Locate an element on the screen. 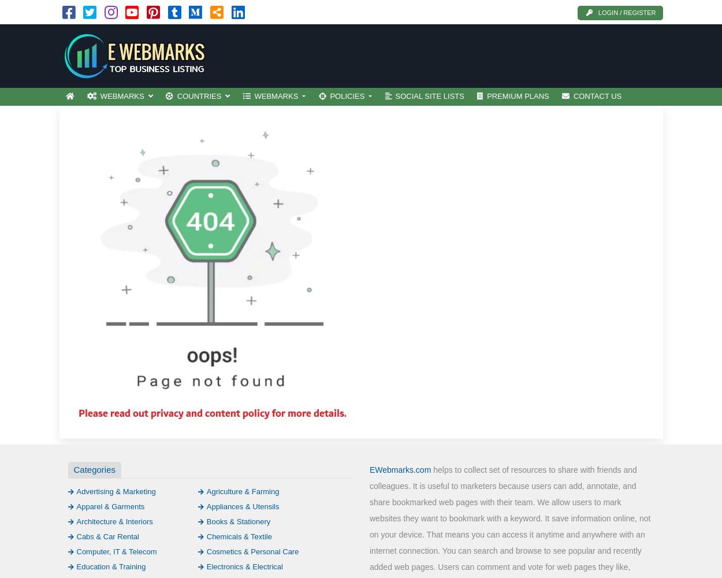  'Agriculture & Farming' is located at coordinates (243, 490).